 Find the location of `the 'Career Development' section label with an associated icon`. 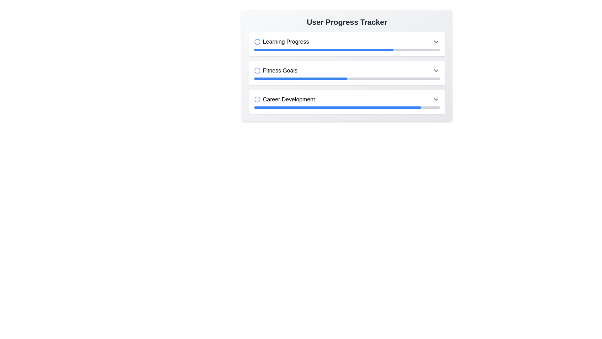

the 'Career Development' section label with an associated icon is located at coordinates (284, 99).